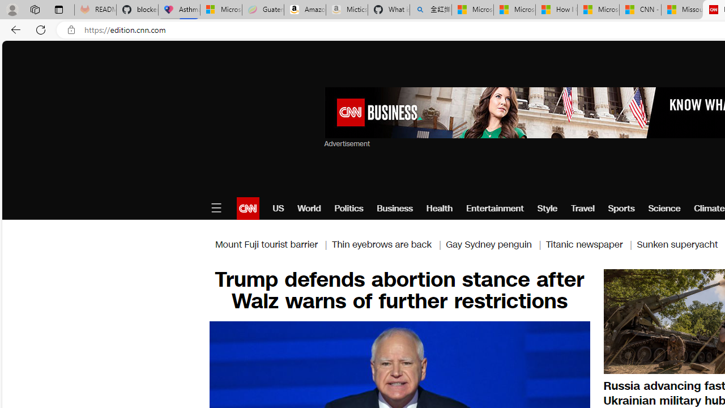 This screenshot has height=408, width=725. I want to click on 'CNN logo', so click(247, 208).